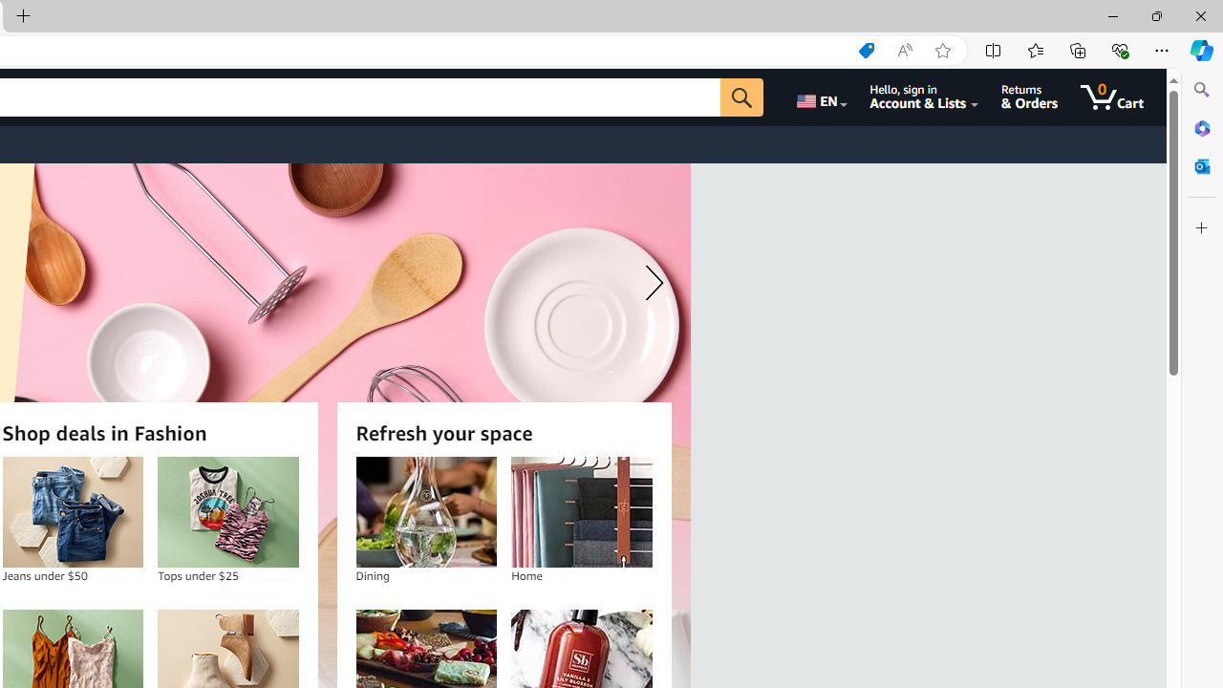 The image size is (1223, 688). I want to click on 'Tops under $25', so click(227, 511).